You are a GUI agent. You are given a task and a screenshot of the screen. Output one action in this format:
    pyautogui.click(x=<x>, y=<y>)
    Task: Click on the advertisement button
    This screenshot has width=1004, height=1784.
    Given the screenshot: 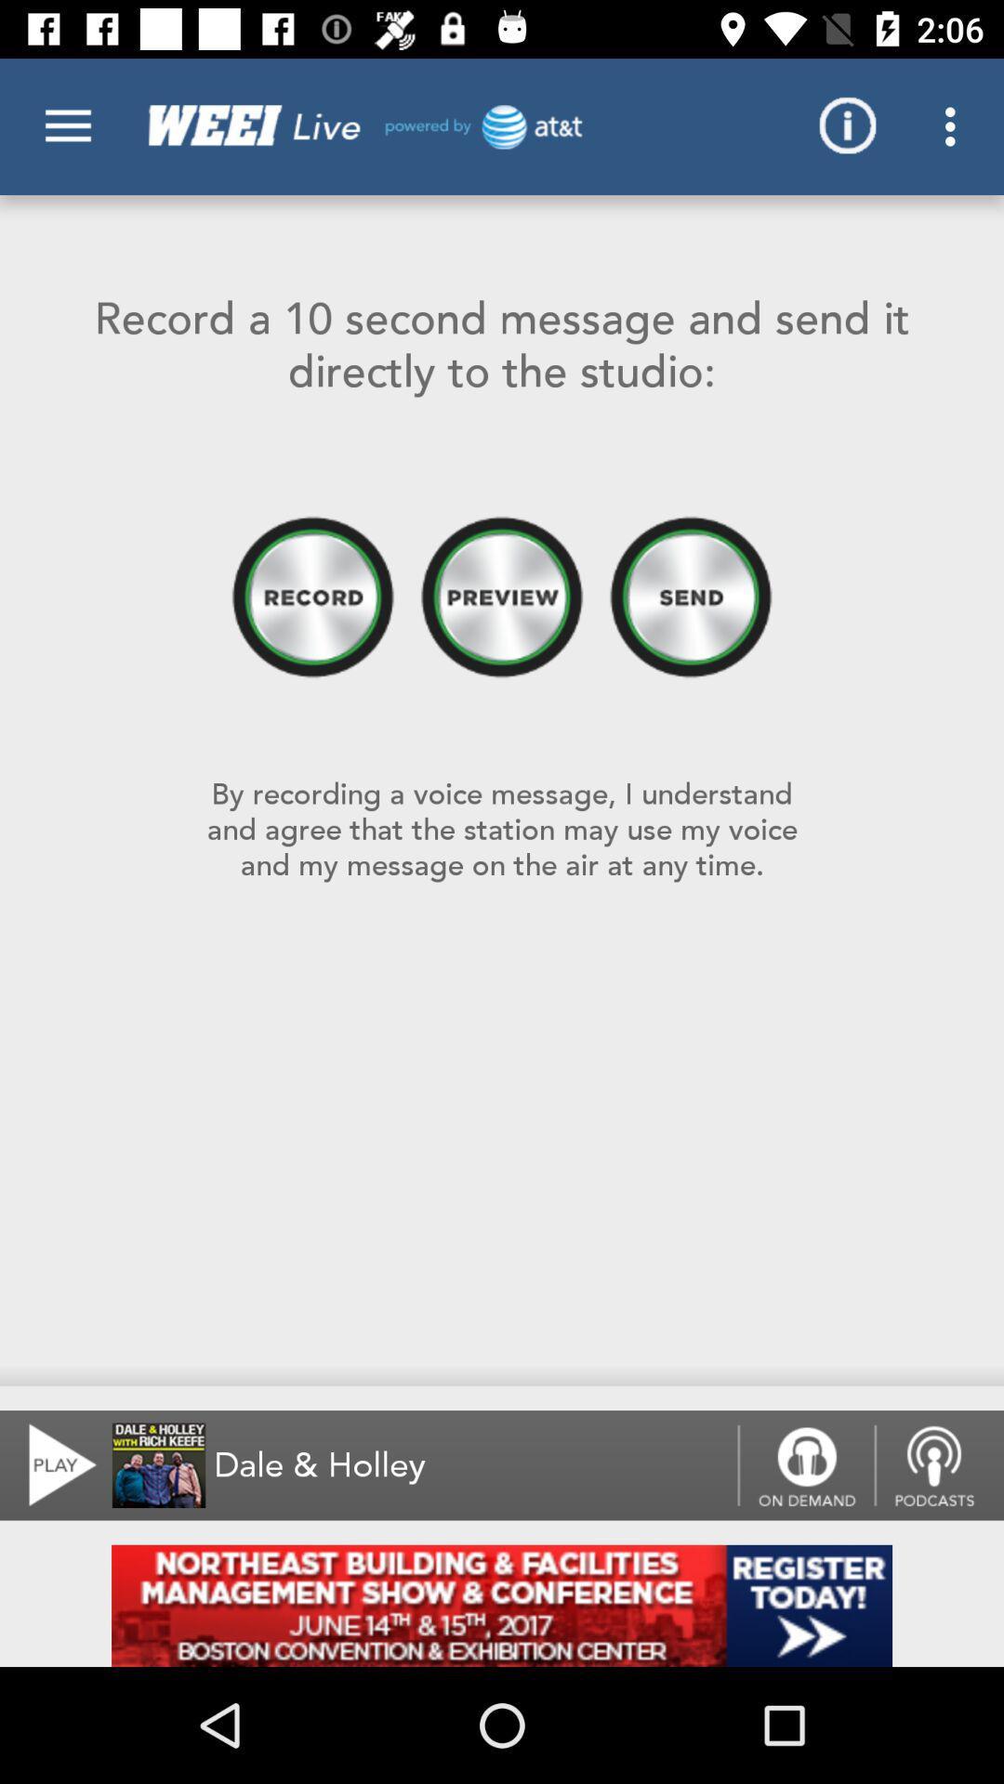 What is the action you would take?
    pyautogui.click(x=502, y=1605)
    